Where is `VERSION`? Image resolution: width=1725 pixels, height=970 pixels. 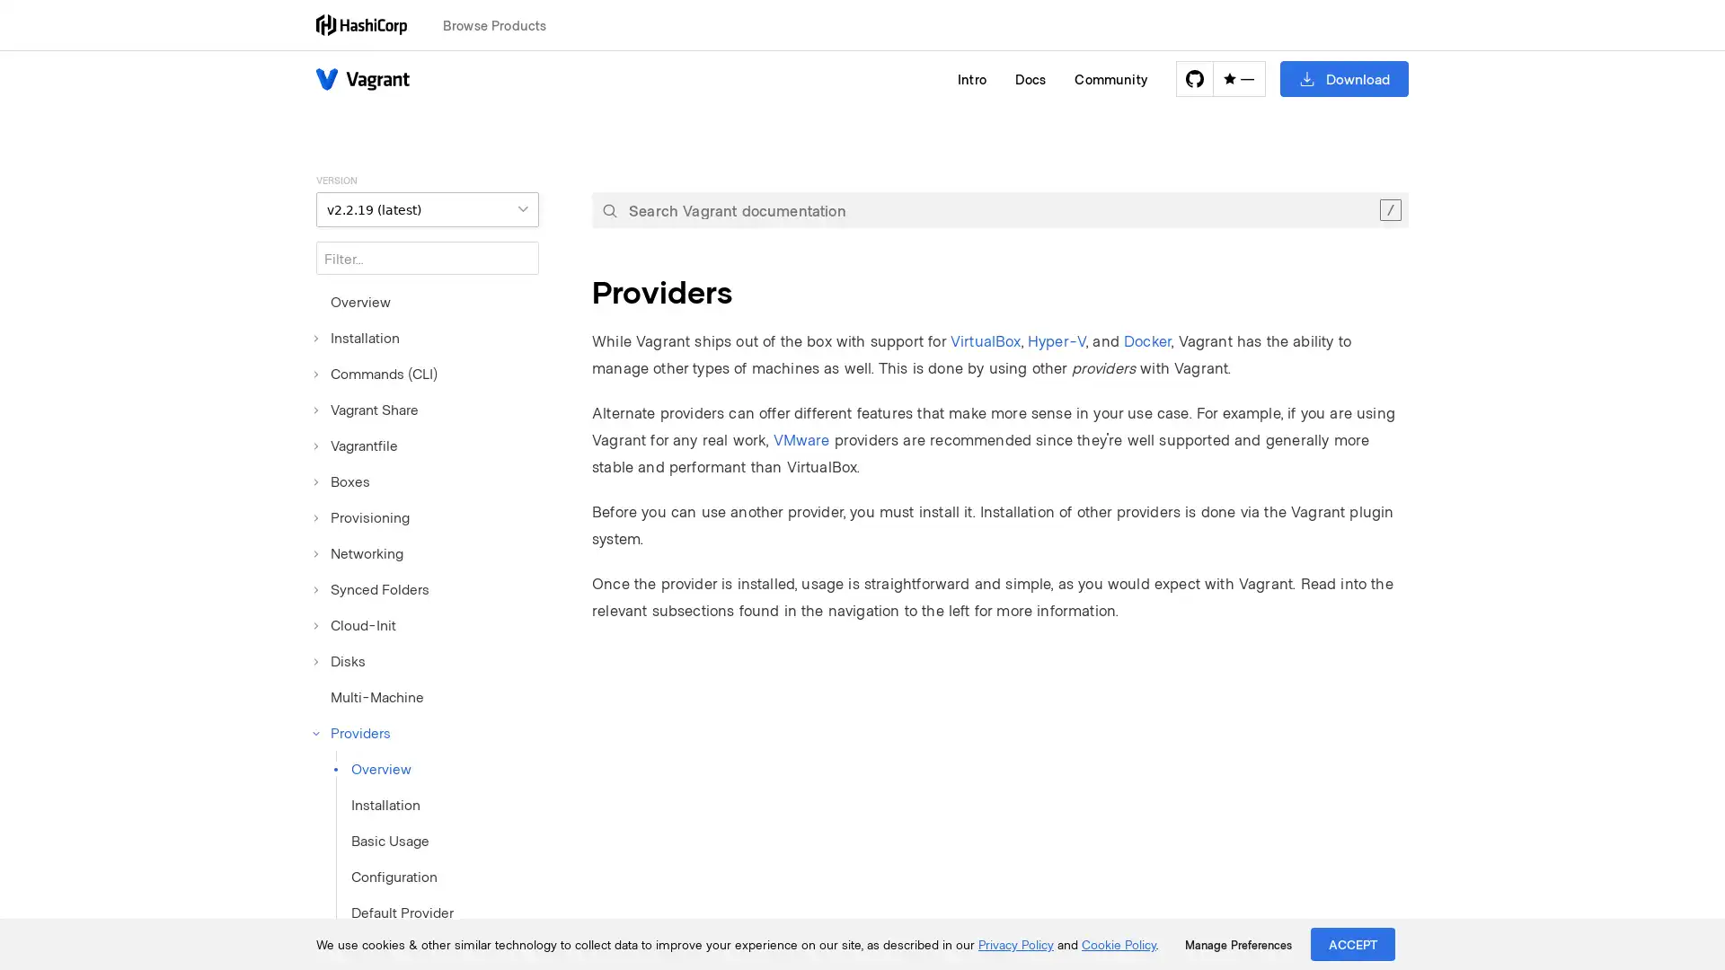 VERSION is located at coordinates (426, 208).